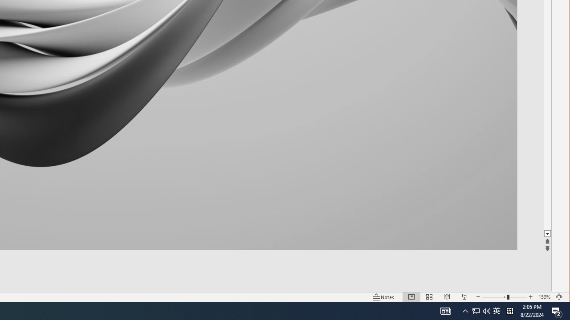  Describe the element at coordinates (465, 310) in the screenshot. I see `'Notification Chevron'` at that location.